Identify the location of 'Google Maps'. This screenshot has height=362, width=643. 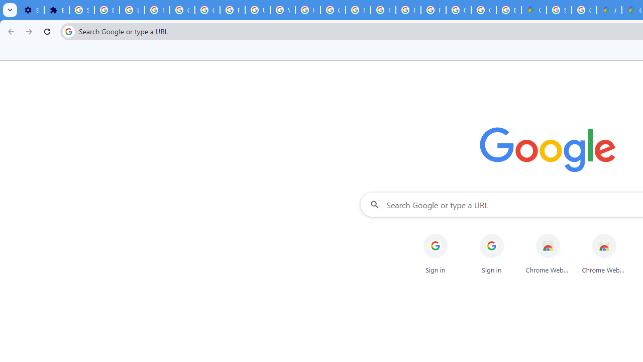
(533, 10).